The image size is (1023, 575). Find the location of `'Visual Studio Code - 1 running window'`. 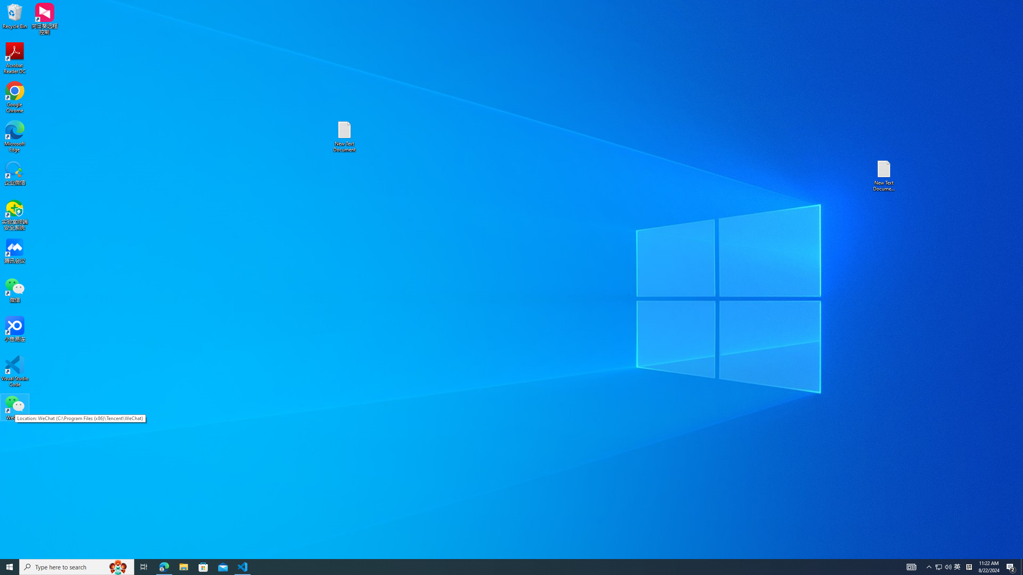

'Visual Studio Code - 1 running window' is located at coordinates (243, 566).